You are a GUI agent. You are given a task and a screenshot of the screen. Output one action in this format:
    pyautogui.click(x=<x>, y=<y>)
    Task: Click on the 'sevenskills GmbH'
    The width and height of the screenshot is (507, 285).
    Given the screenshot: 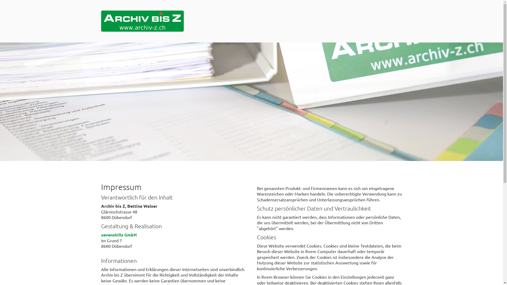 What is the action you would take?
    pyautogui.click(x=101, y=234)
    